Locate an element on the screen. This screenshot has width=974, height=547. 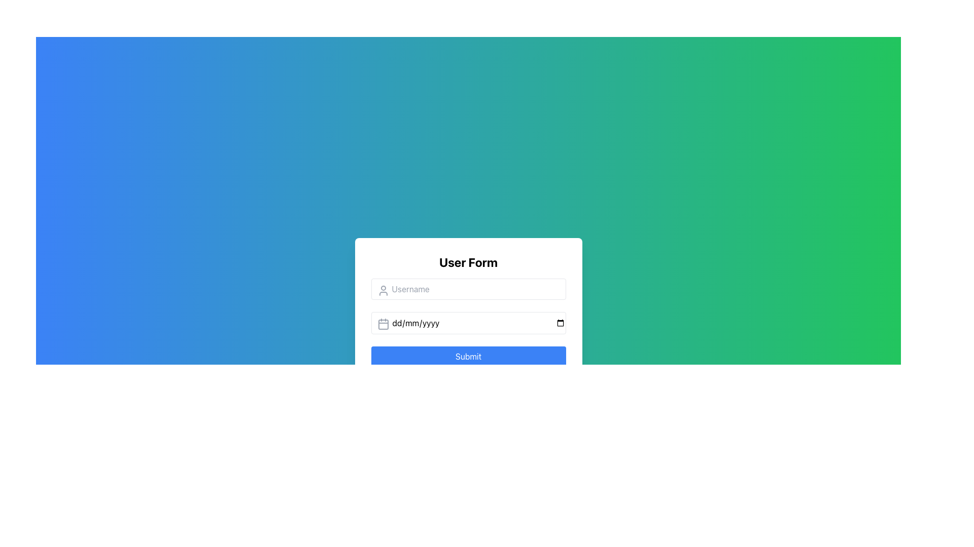
the second input field for date selection within the 'User Form' panel is located at coordinates (468, 322).